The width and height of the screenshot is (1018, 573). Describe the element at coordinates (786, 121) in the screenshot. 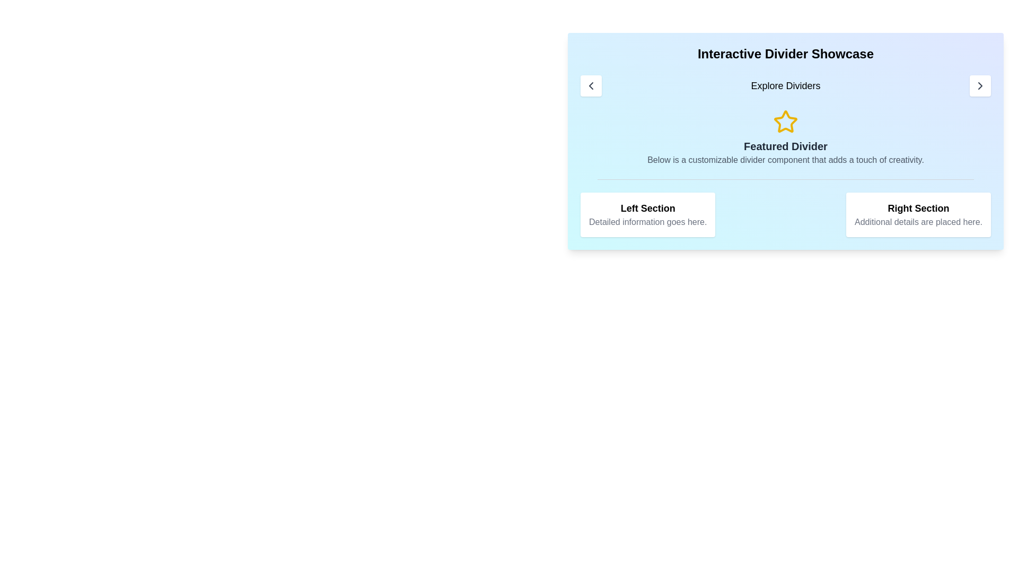

I see `the Decorative Icon (SVG) which is a star-shaped icon with a yellow outline, prominently displayed above the 'Featured Divider' header` at that location.